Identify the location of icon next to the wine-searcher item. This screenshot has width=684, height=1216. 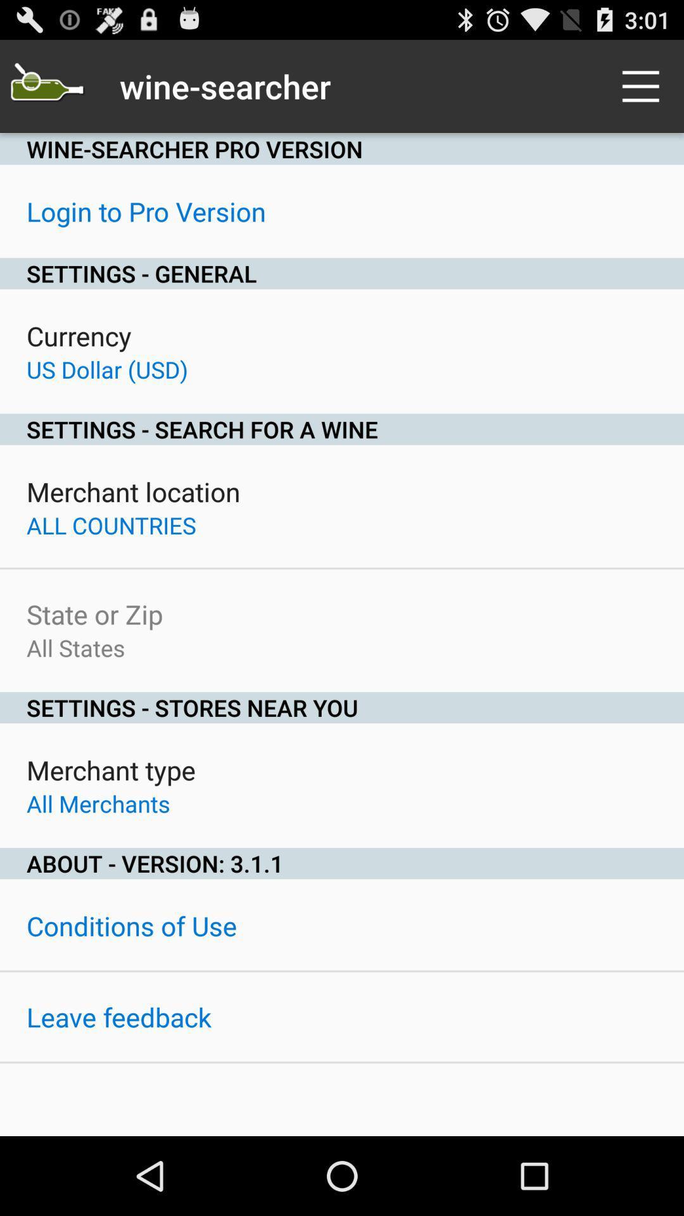
(46, 85).